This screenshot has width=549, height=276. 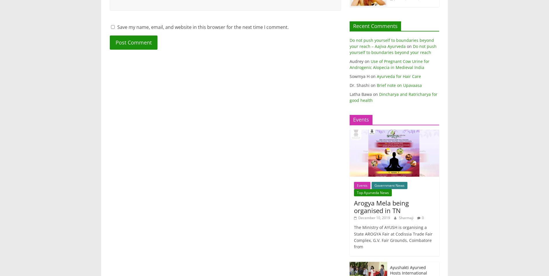 What do you see at coordinates (353, 237) in the screenshot?
I see `'The Ministry of AYUSH is organising a State AROGYA Fair at Codissia Trade Fair Complex, G.V. Fair Grounds, Coimbatore from'` at bounding box center [353, 237].